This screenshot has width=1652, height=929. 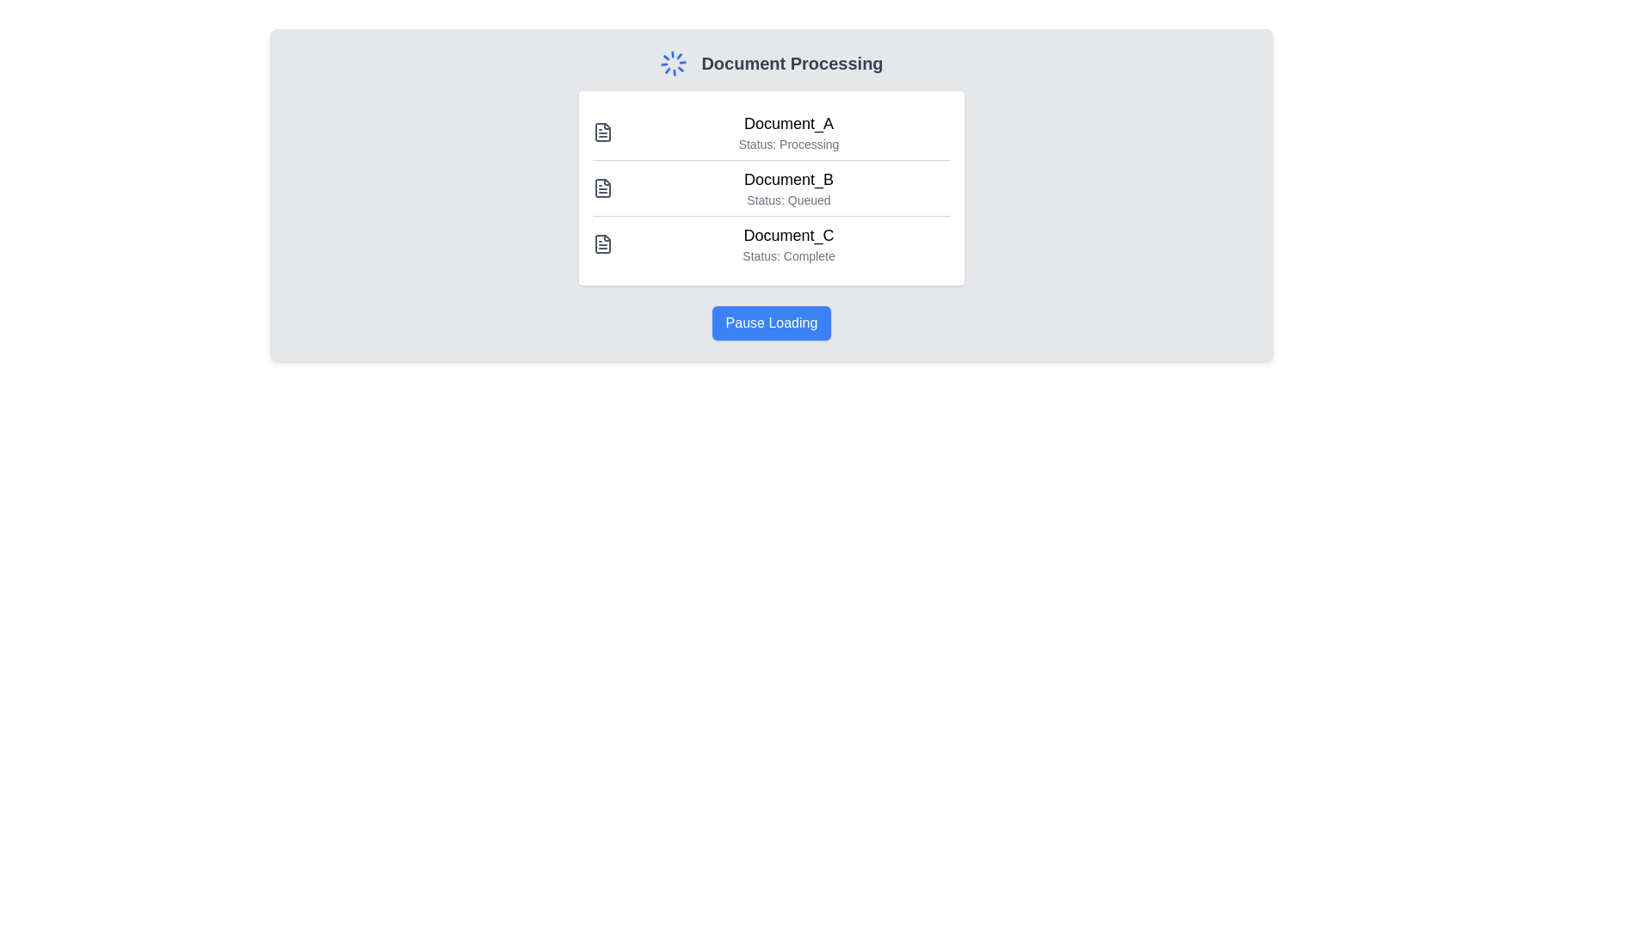 What do you see at coordinates (602, 244) in the screenshot?
I see `the document icon representing 'Document_C' with status 'Complete', which is the leftmost icon in its row` at bounding box center [602, 244].